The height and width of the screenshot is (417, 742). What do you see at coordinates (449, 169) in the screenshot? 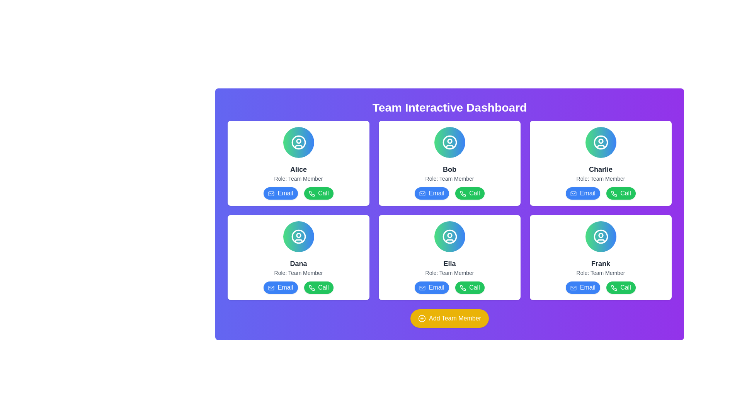
I see `static text that serves as the name identifier for the individual represented by the second card from the left in the top row of the grid layout, located directly underneath a rounded profile icon` at bounding box center [449, 169].